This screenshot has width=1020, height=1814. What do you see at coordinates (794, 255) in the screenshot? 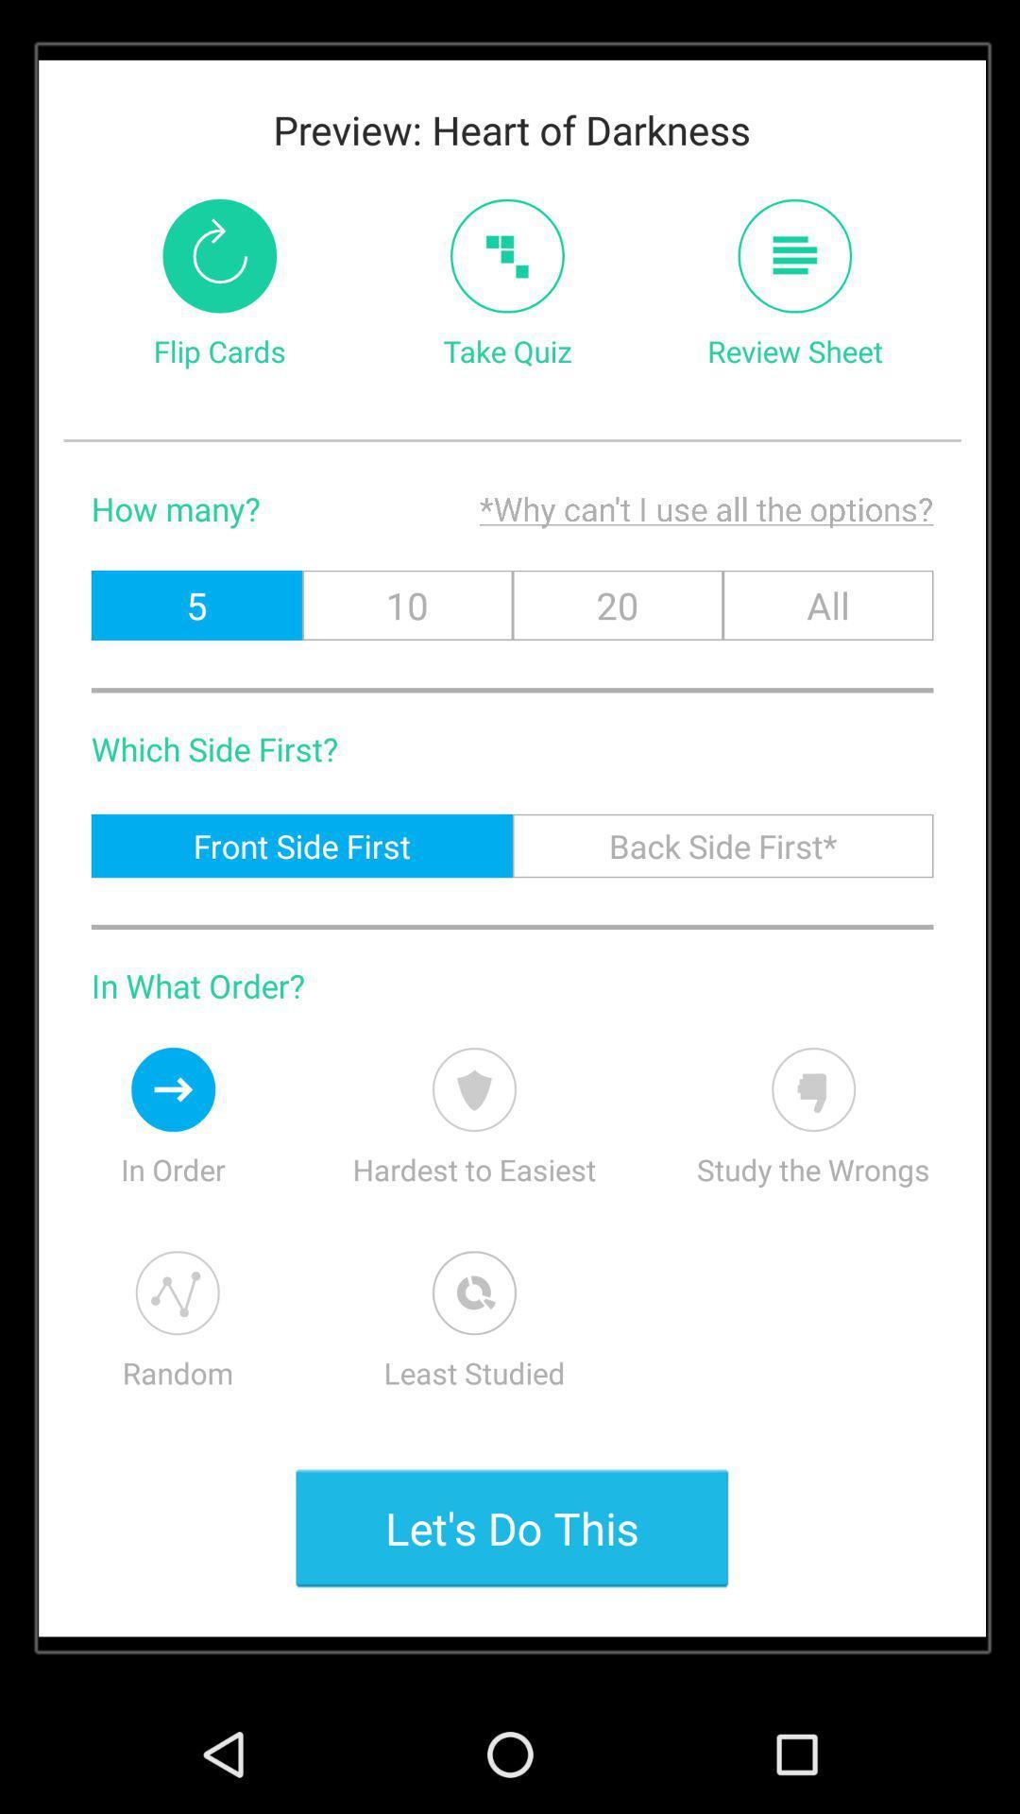
I see `review sheet button` at bounding box center [794, 255].